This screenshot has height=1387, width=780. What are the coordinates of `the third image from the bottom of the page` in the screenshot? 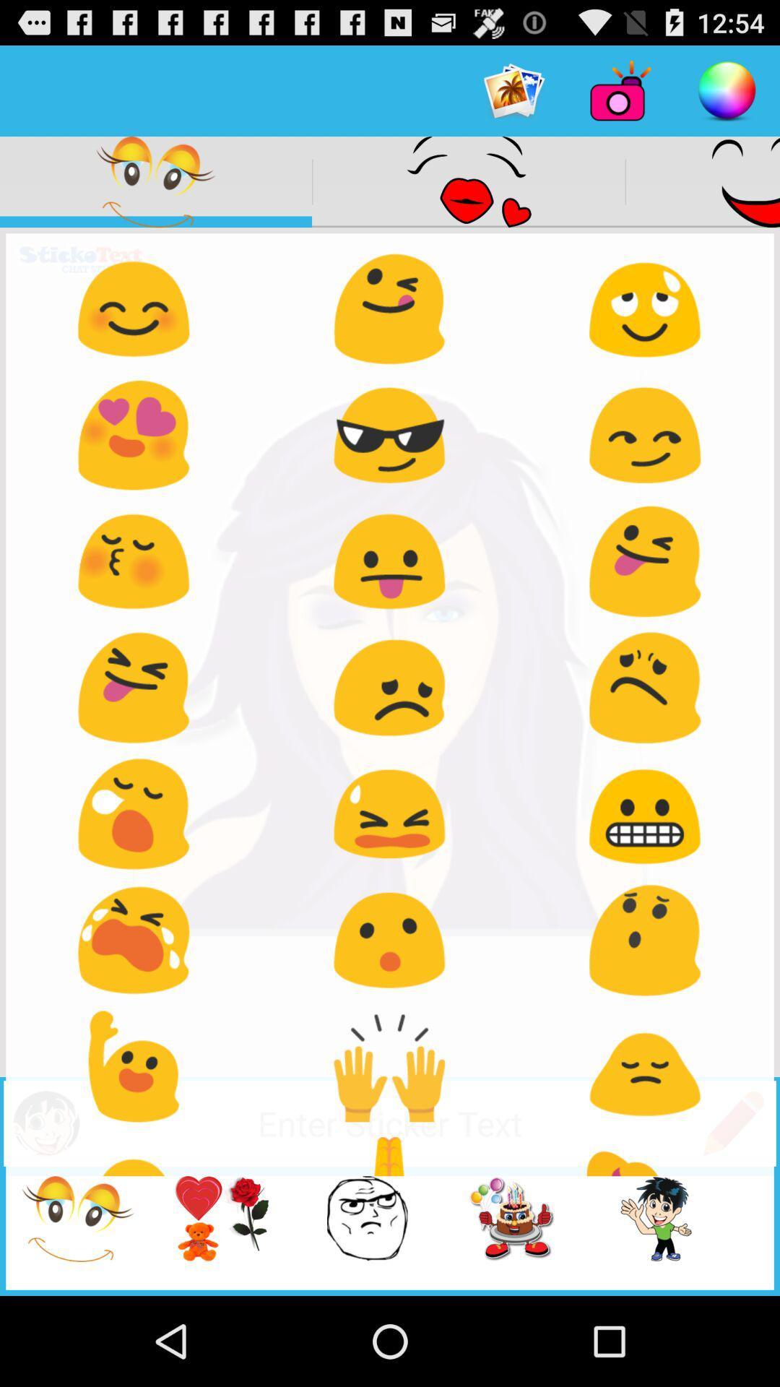 It's located at (367, 1218).